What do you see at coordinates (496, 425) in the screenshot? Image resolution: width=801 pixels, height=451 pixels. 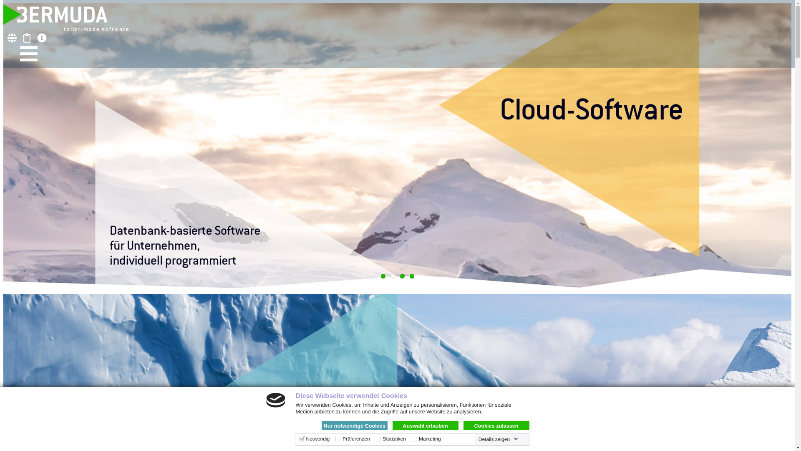 I see `'Cookies zulassen'` at bounding box center [496, 425].